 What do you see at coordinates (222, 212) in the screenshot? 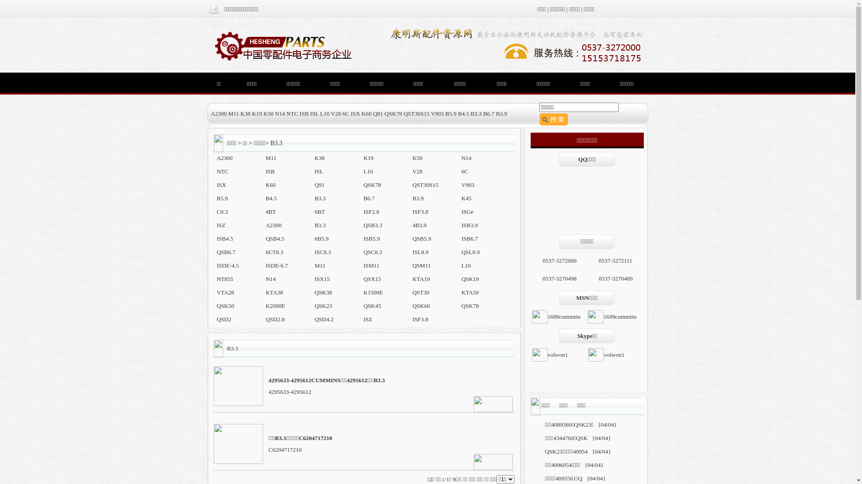
I see `'C8.3'` at bounding box center [222, 212].